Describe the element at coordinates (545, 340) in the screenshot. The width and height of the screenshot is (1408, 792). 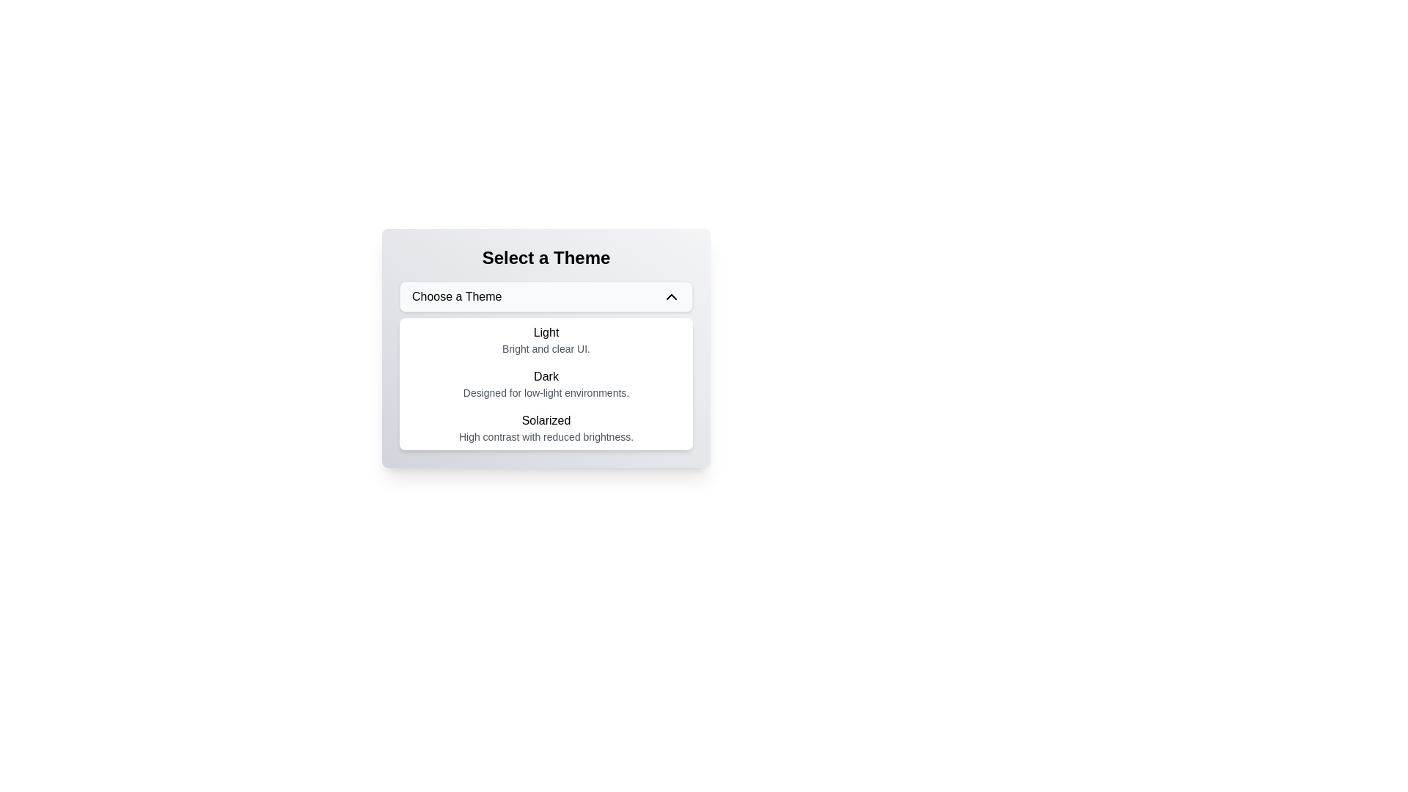
I see `the first selectable option in the dropdown menu labeled 'Light' which describes it as 'Bright and clear UI.'` at that location.